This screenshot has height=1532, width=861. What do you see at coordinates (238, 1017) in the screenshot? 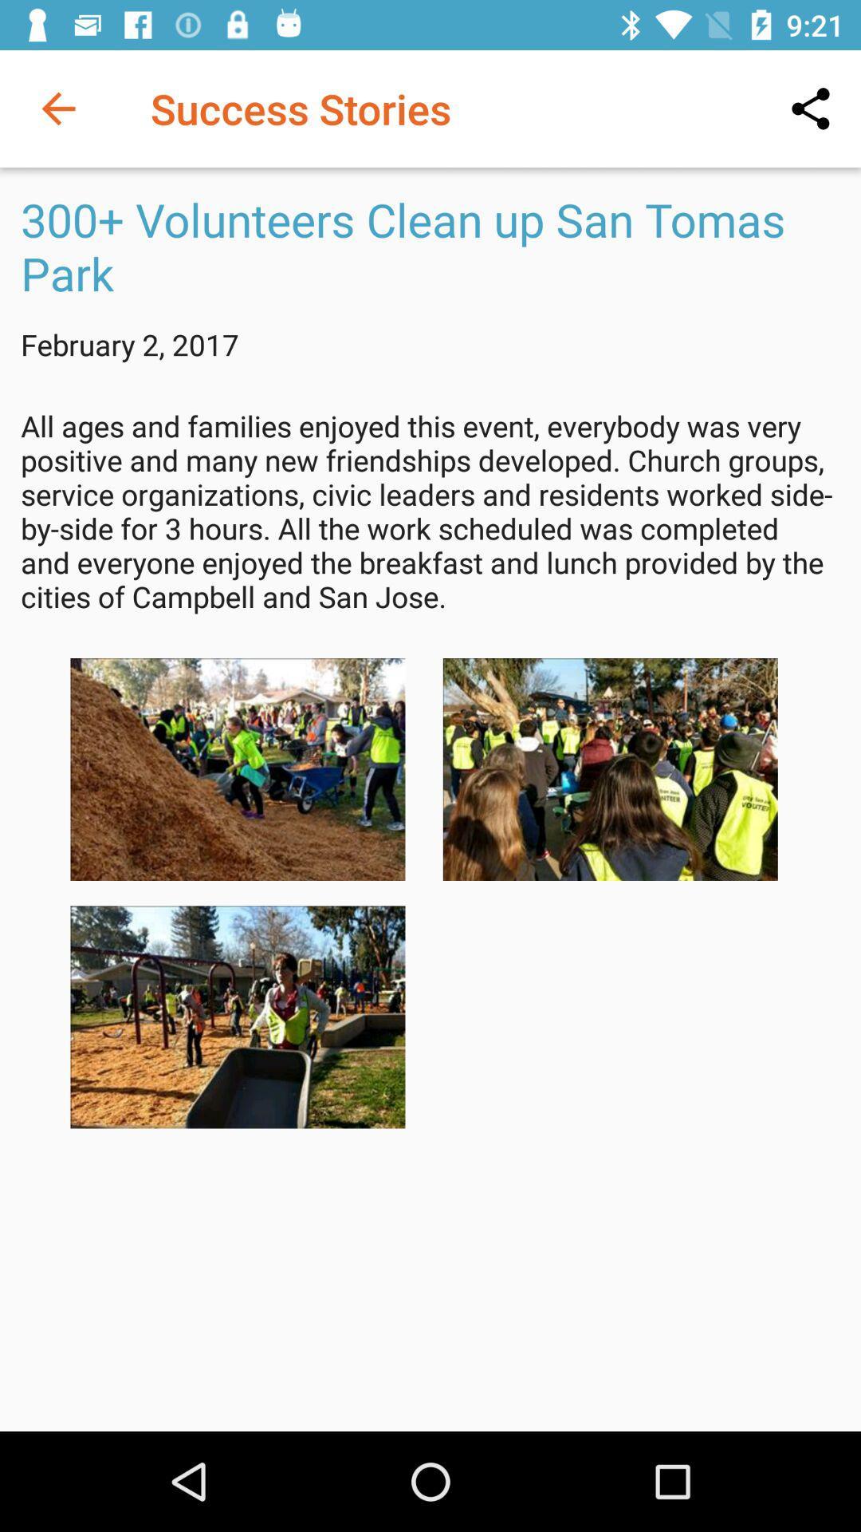
I see `pic` at bounding box center [238, 1017].